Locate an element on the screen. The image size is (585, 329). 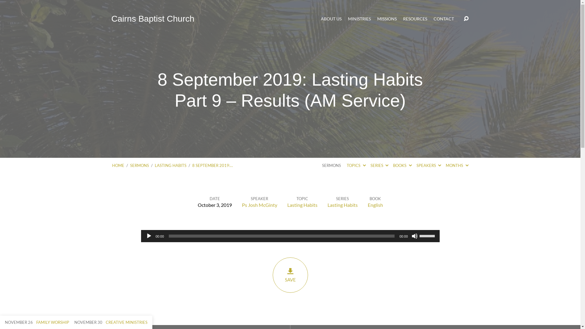
'Ps Josh McGinty' is located at coordinates (241, 205).